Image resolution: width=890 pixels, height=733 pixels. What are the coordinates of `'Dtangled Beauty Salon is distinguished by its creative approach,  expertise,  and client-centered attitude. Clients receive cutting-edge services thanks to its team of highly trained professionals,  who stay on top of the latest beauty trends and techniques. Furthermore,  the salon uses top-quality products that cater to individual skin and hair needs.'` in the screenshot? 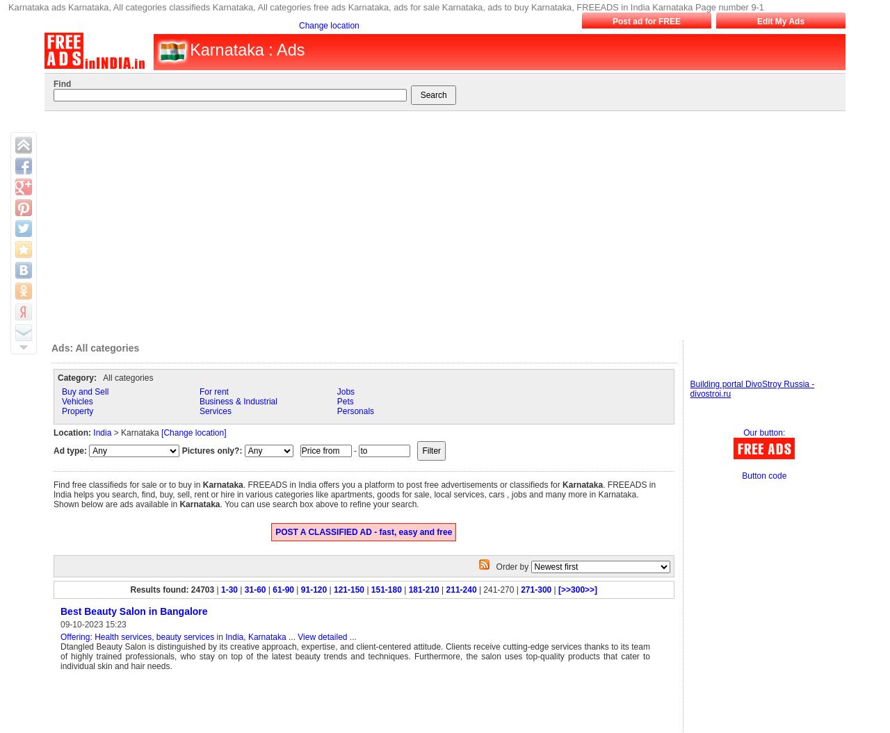 It's located at (355, 656).